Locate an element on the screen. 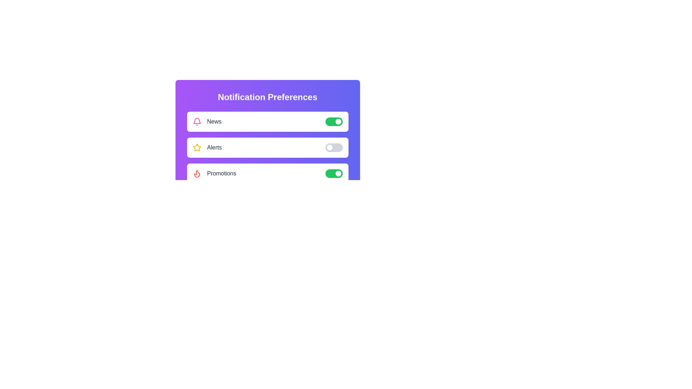  the text Promotions in the component is located at coordinates (267, 174).